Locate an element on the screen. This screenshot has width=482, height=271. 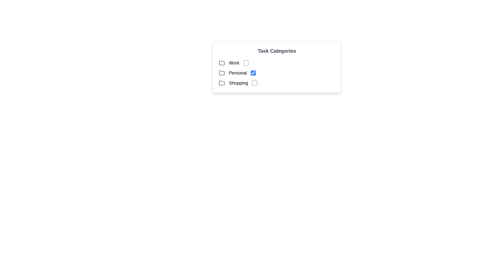
the text label displaying 'Work', which is part of the 'Task Categories' section, located between a folder icon and a checkbox is located at coordinates (234, 62).